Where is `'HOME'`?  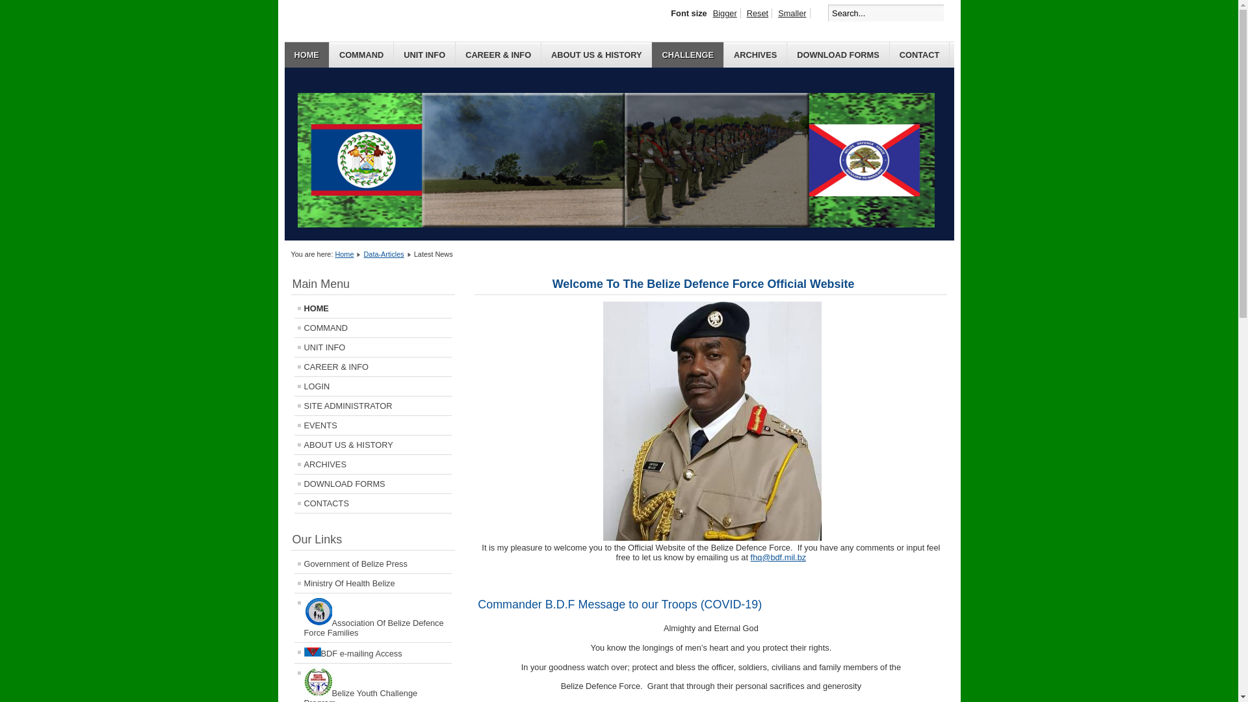 'HOME' is located at coordinates (306, 54).